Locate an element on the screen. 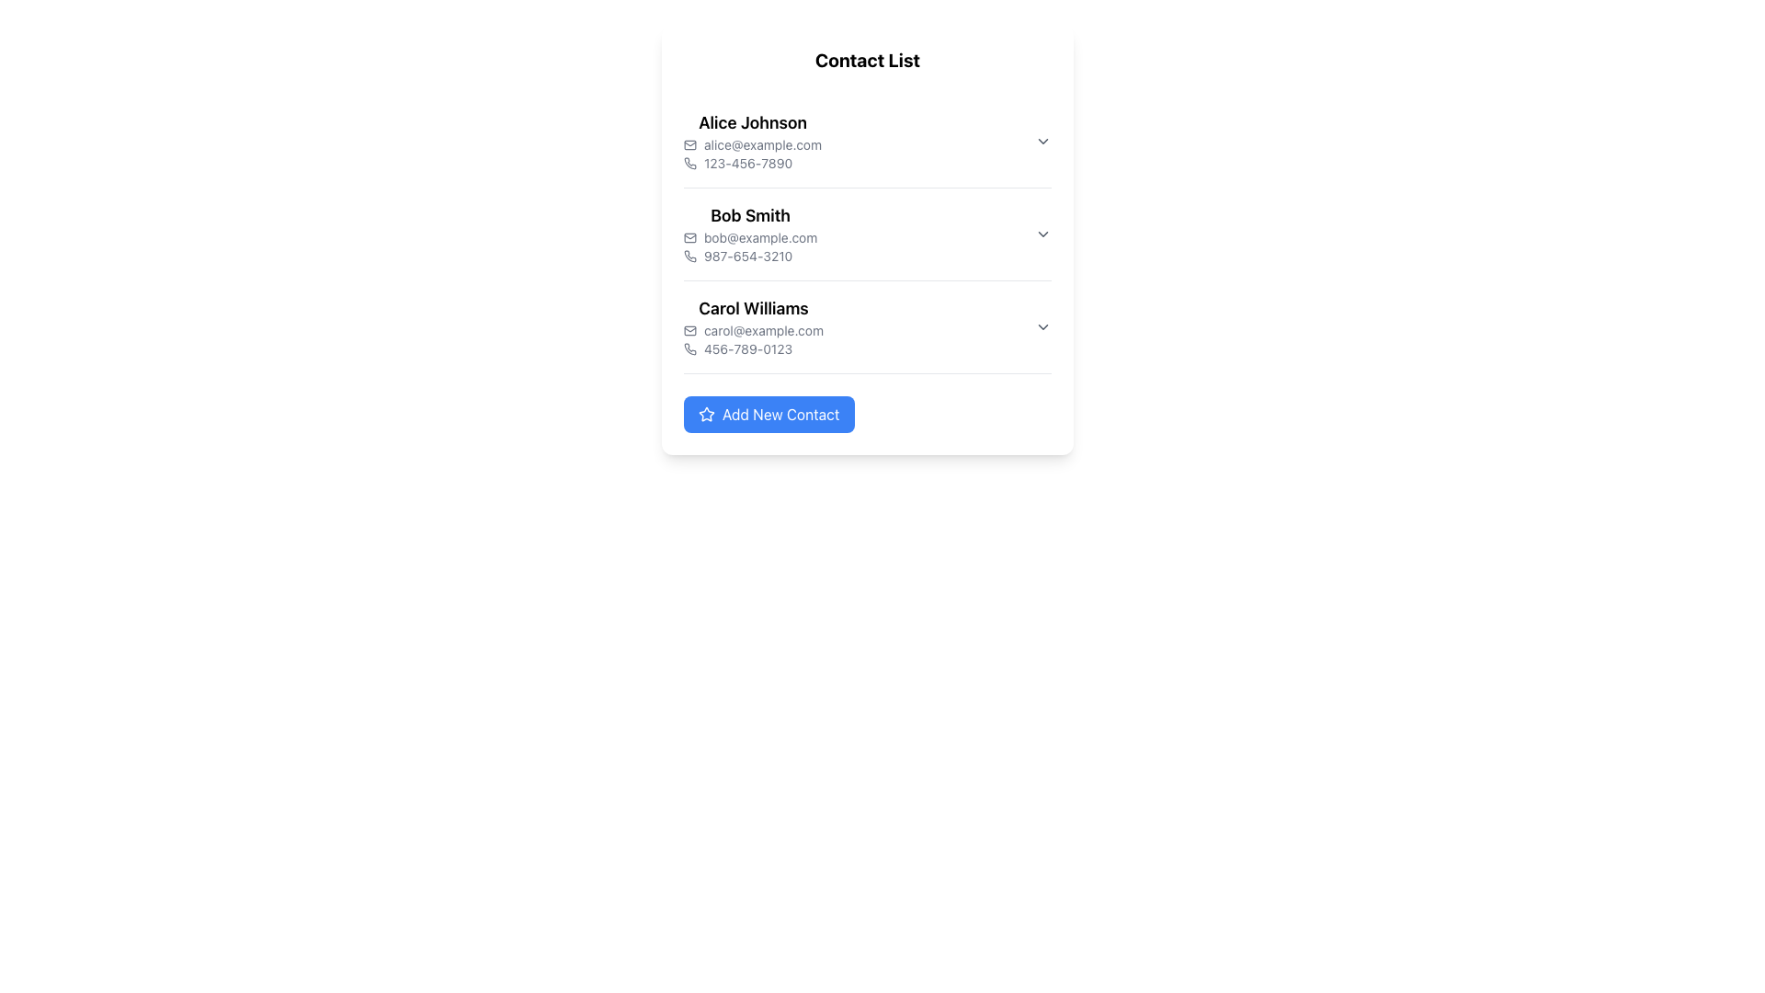  the chevron-down button located to the right of the contact information for 'Carol Williams' is located at coordinates (1042, 325).